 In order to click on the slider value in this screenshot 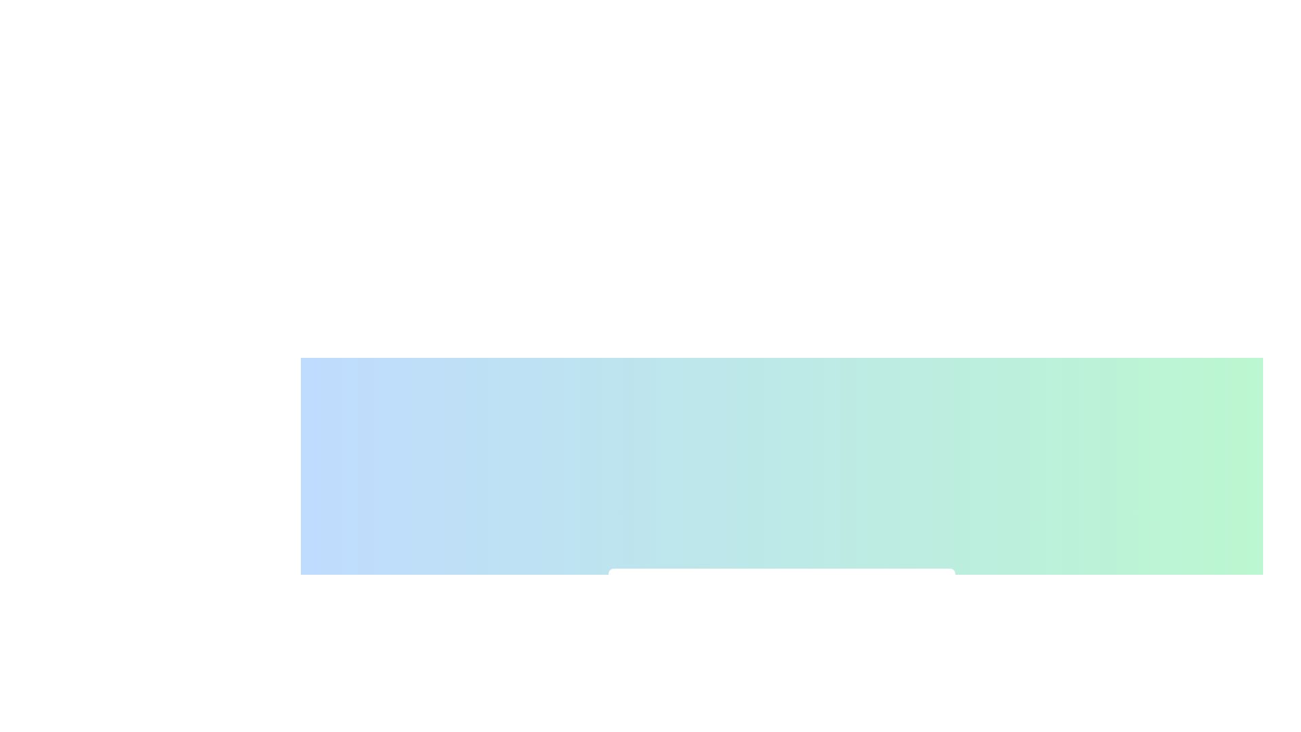, I will do `click(806, 662)`.